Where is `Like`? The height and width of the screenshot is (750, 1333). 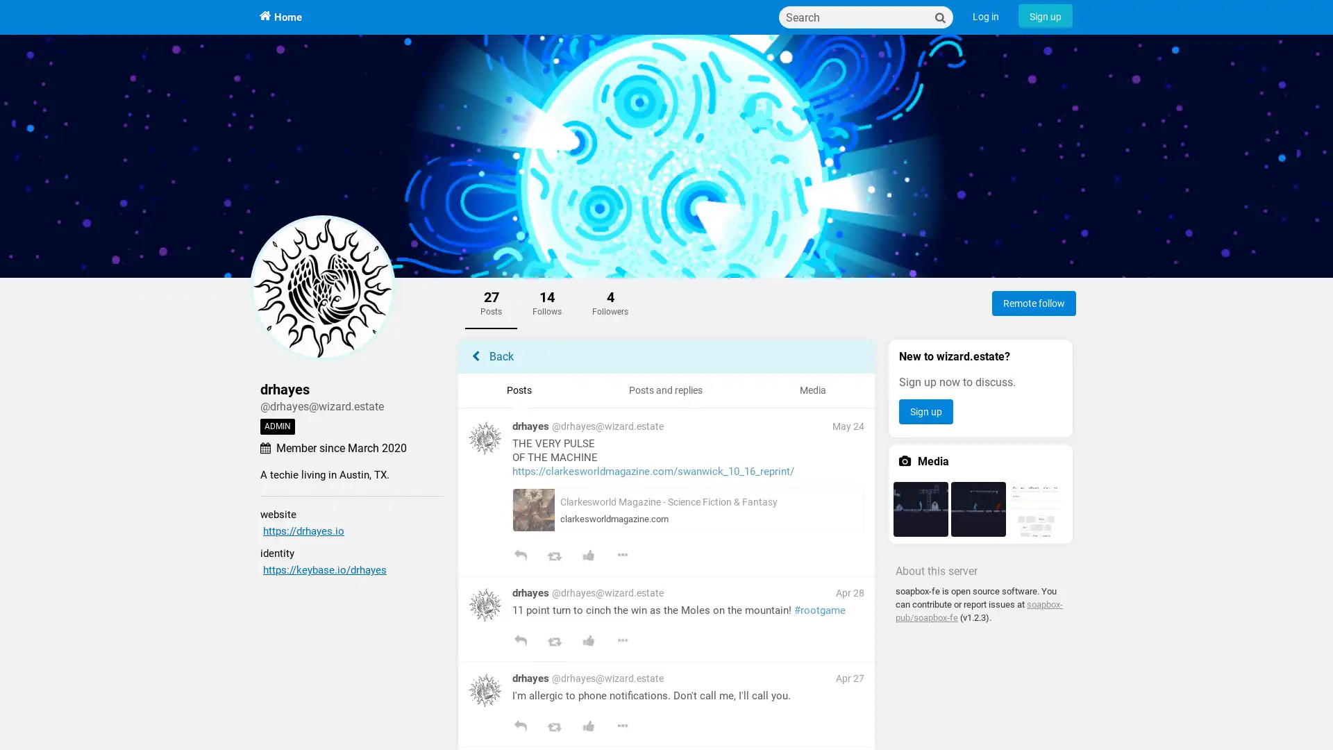
Like is located at coordinates (588, 727).